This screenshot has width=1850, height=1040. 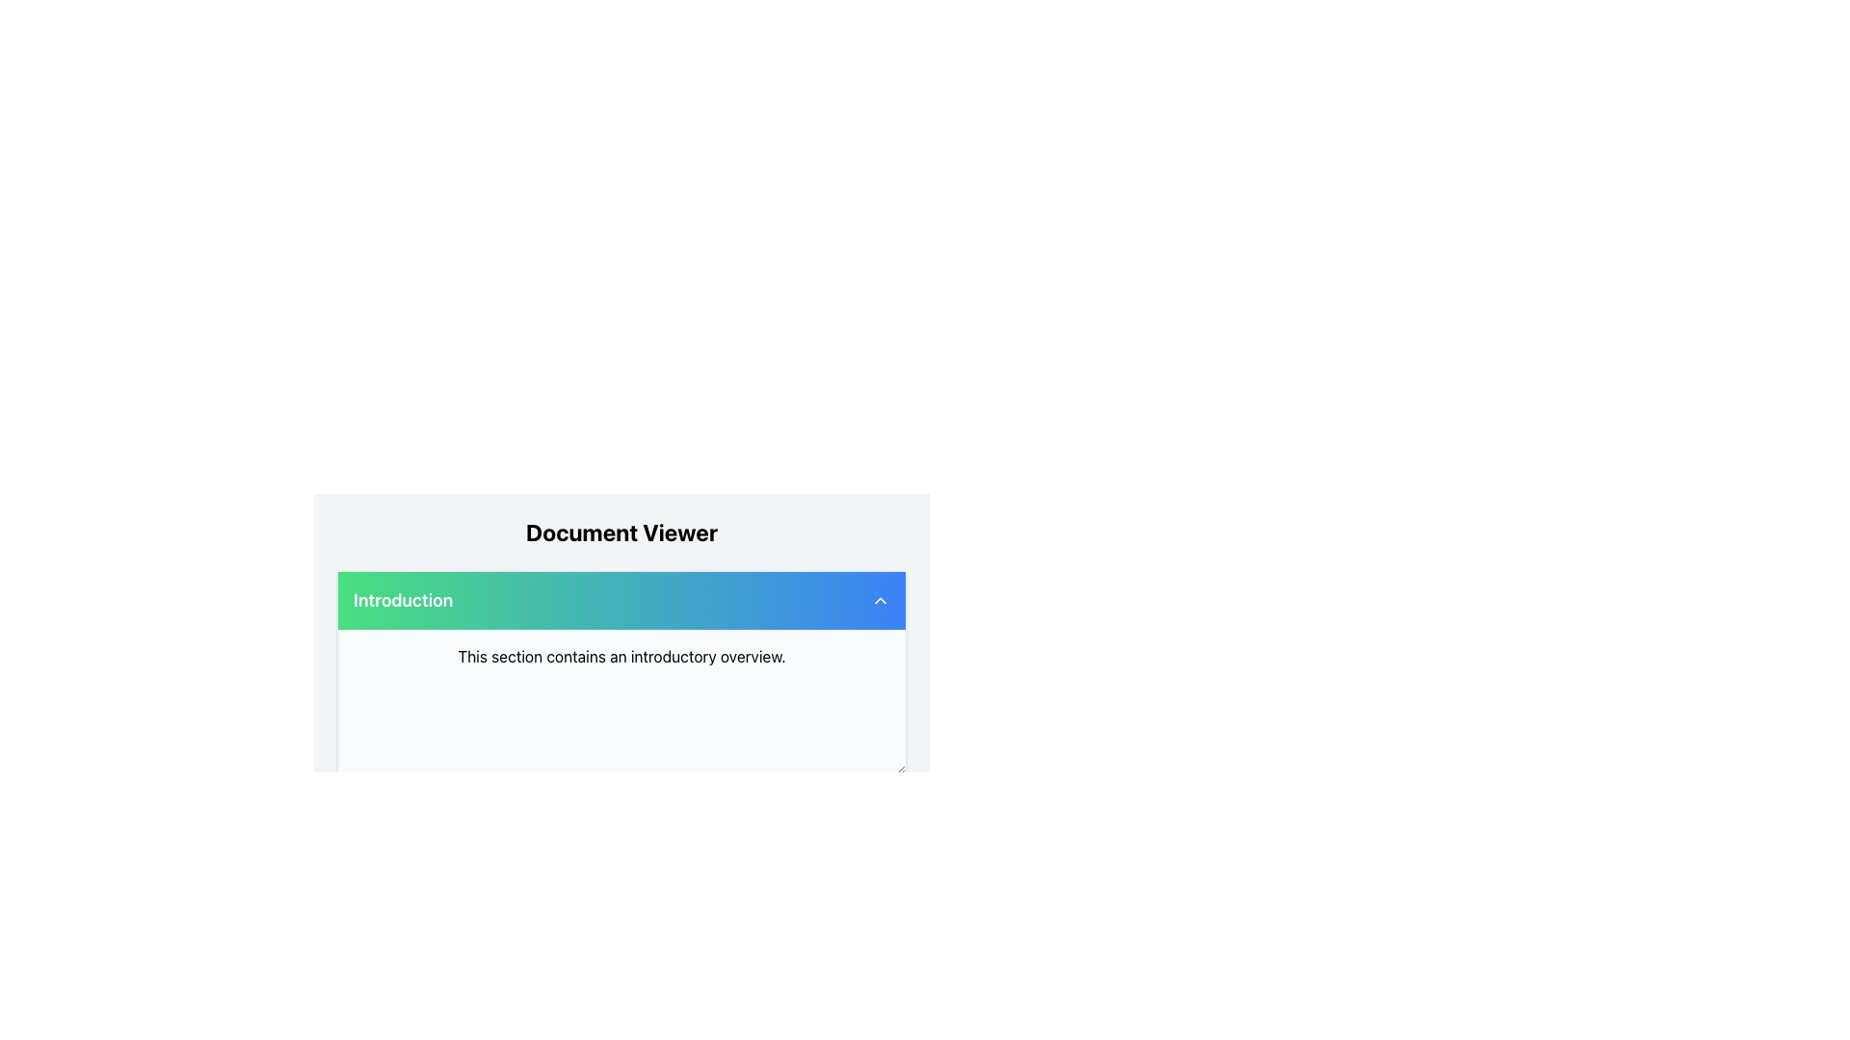 I want to click on the bold, large font text label displaying the word 'Introduction', which is positioned on the left side of a gradient background bar, so click(x=402, y=600).